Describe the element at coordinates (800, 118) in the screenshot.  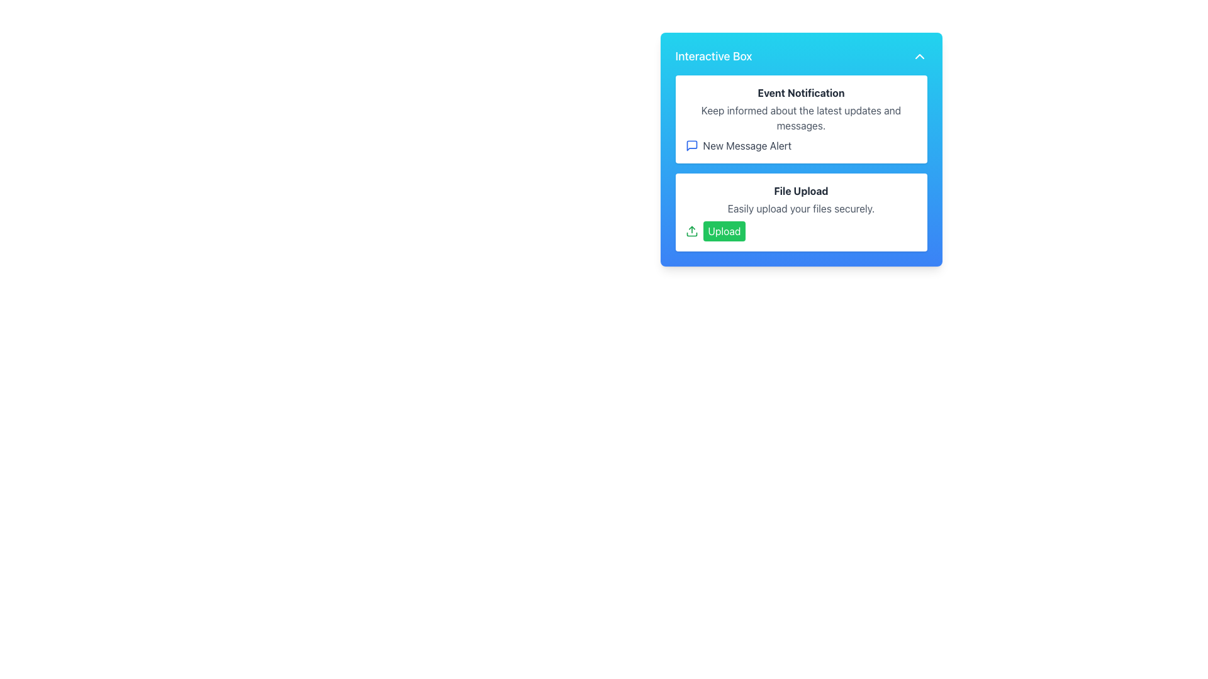
I see `the text displaying 'Keep informed about the latest updates and messages.' which is styled in gray and located between 'Event Notification' and 'New Message Alert.'` at that location.